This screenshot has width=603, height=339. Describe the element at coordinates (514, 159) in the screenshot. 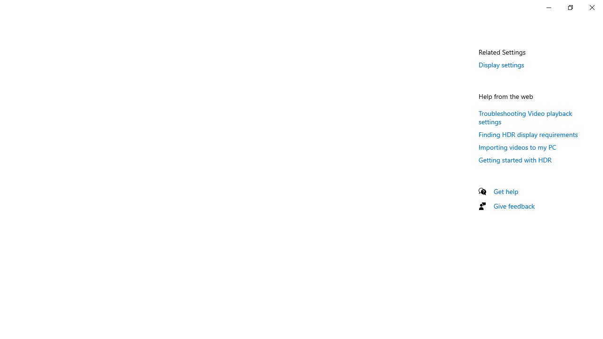

I see `'Getting started with HDR'` at that location.